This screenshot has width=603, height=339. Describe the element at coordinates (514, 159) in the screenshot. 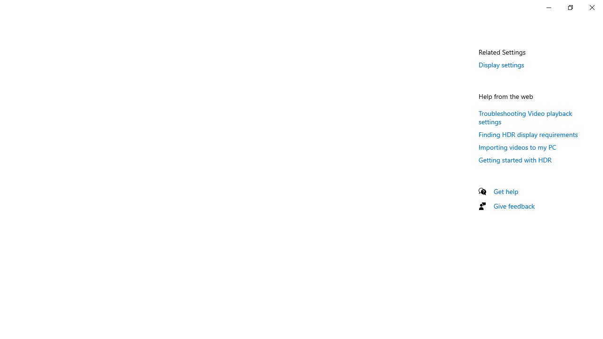

I see `'Getting started with HDR'` at that location.